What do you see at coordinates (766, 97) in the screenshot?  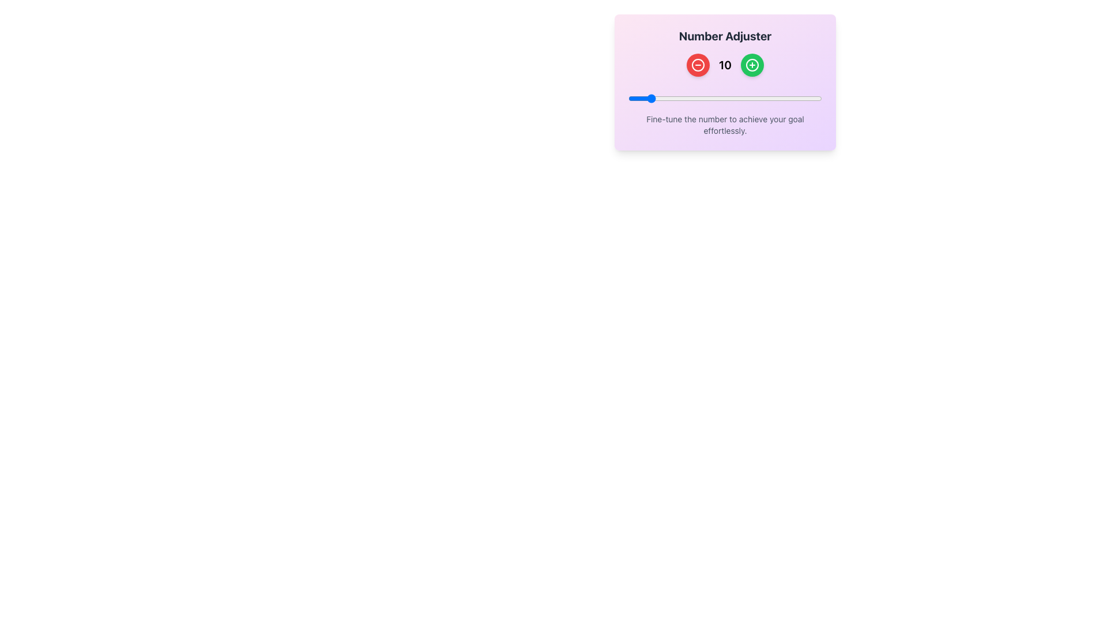 I see `the slider` at bounding box center [766, 97].